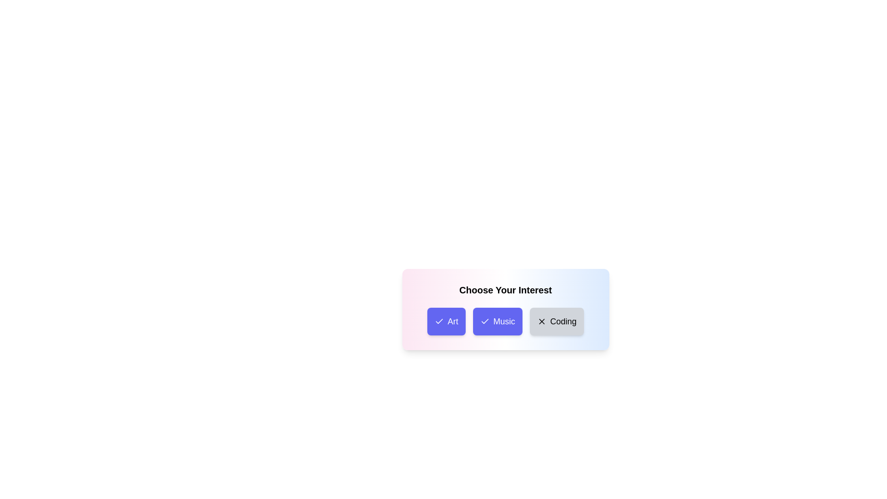 Image resolution: width=887 pixels, height=499 pixels. What do you see at coordinates (446, 321) in the screenshot?
I see `the 'Art' category to toggle its selection` at bounding box center [446, 321].